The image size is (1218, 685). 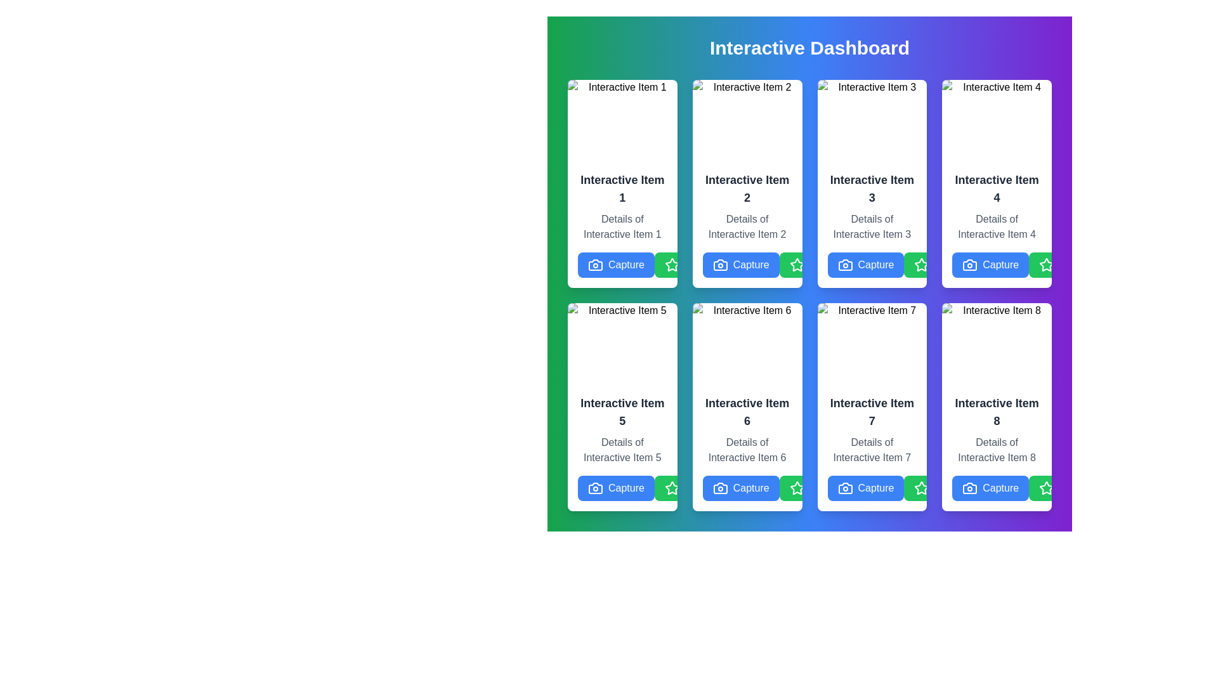 What do you see at coordinates (871, 188) in the screenshot?
I see `the title text of the third card in the top row labeled 'Interactive Dashboard', which is positioned above the text 'Details of Interactive Item 3'` at bounding box center [871, 188].